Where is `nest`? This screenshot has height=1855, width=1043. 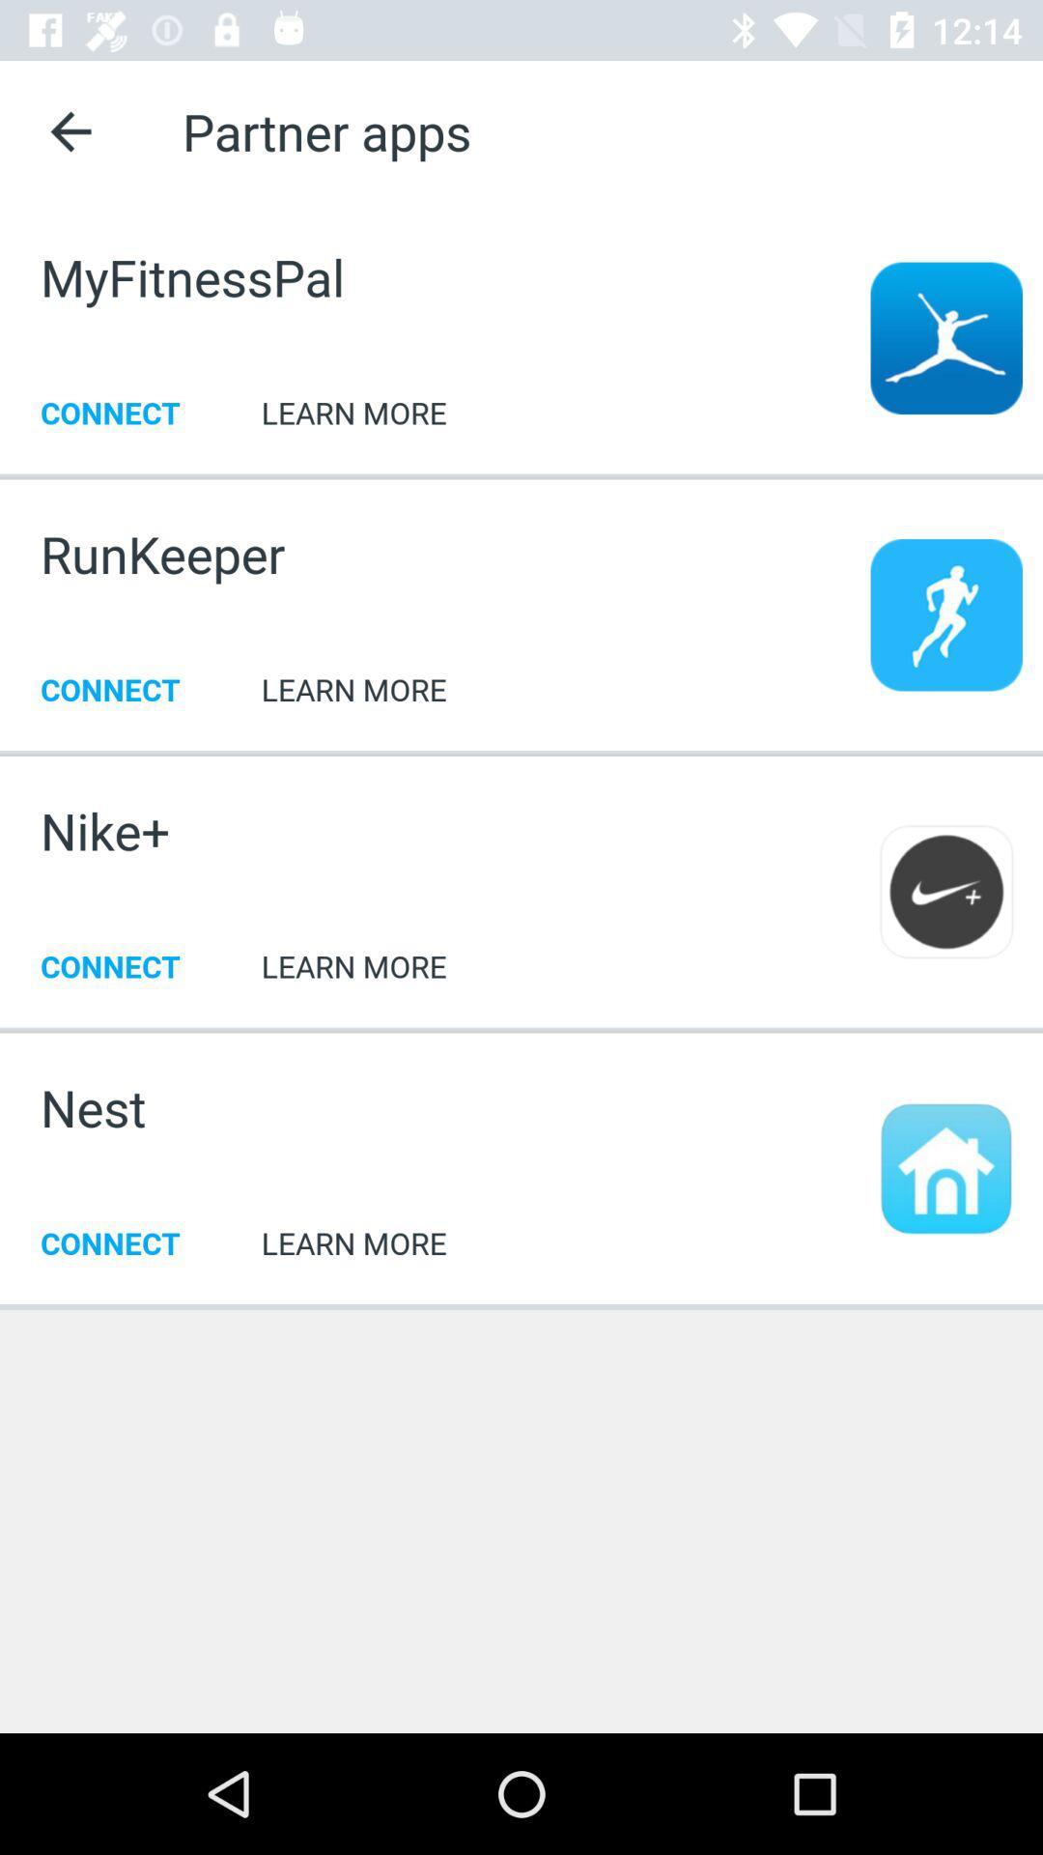
nest is located at coordinates (93, 1107).